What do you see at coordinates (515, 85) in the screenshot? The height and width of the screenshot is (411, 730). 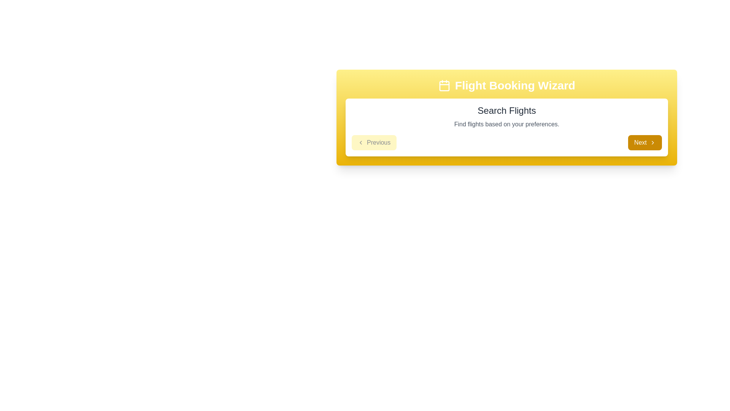 I see `static text label that serves as the title for the 'Flight Booking Wizard' section, located within the yellow header section to the right of a calendar icon` at bounding box center [515, 85].